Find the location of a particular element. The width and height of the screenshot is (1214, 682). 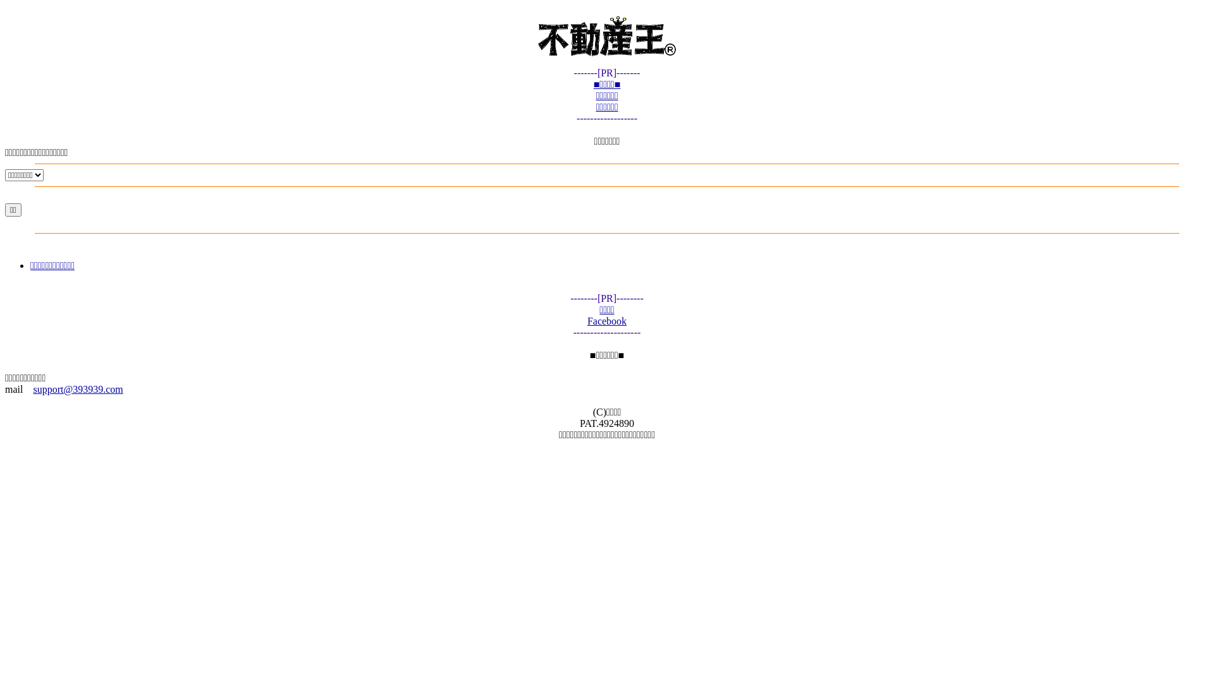

'support@393939.com' is located at coordinates (77, 388).